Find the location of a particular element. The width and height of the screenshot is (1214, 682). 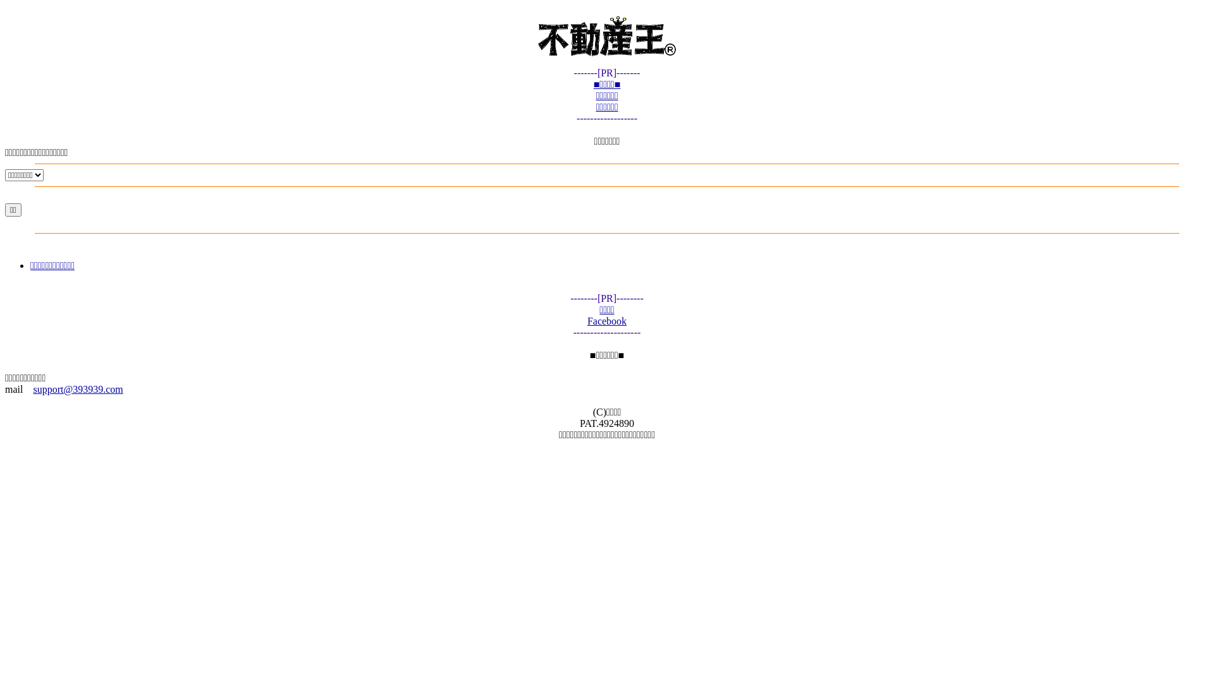

'support@393939.com' is located at coordinates (77, 388).